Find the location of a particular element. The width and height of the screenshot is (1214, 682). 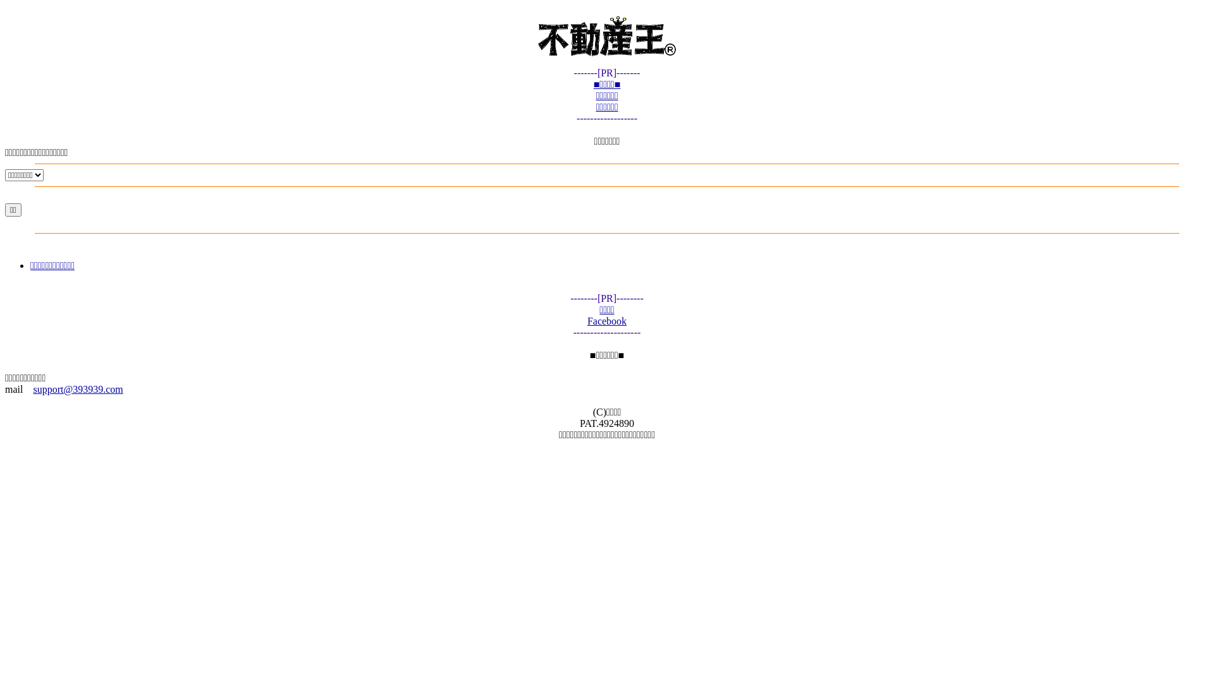

'support@393939.com' is located at coordinates (77, 388).